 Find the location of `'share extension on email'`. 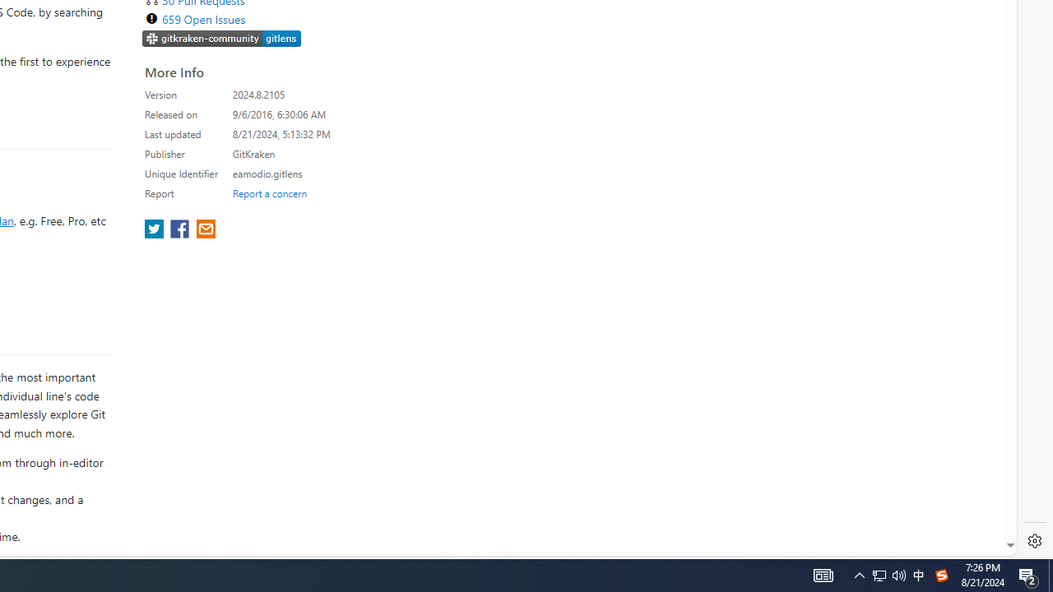

'share extension on email' is located at coordinates (204, 230).